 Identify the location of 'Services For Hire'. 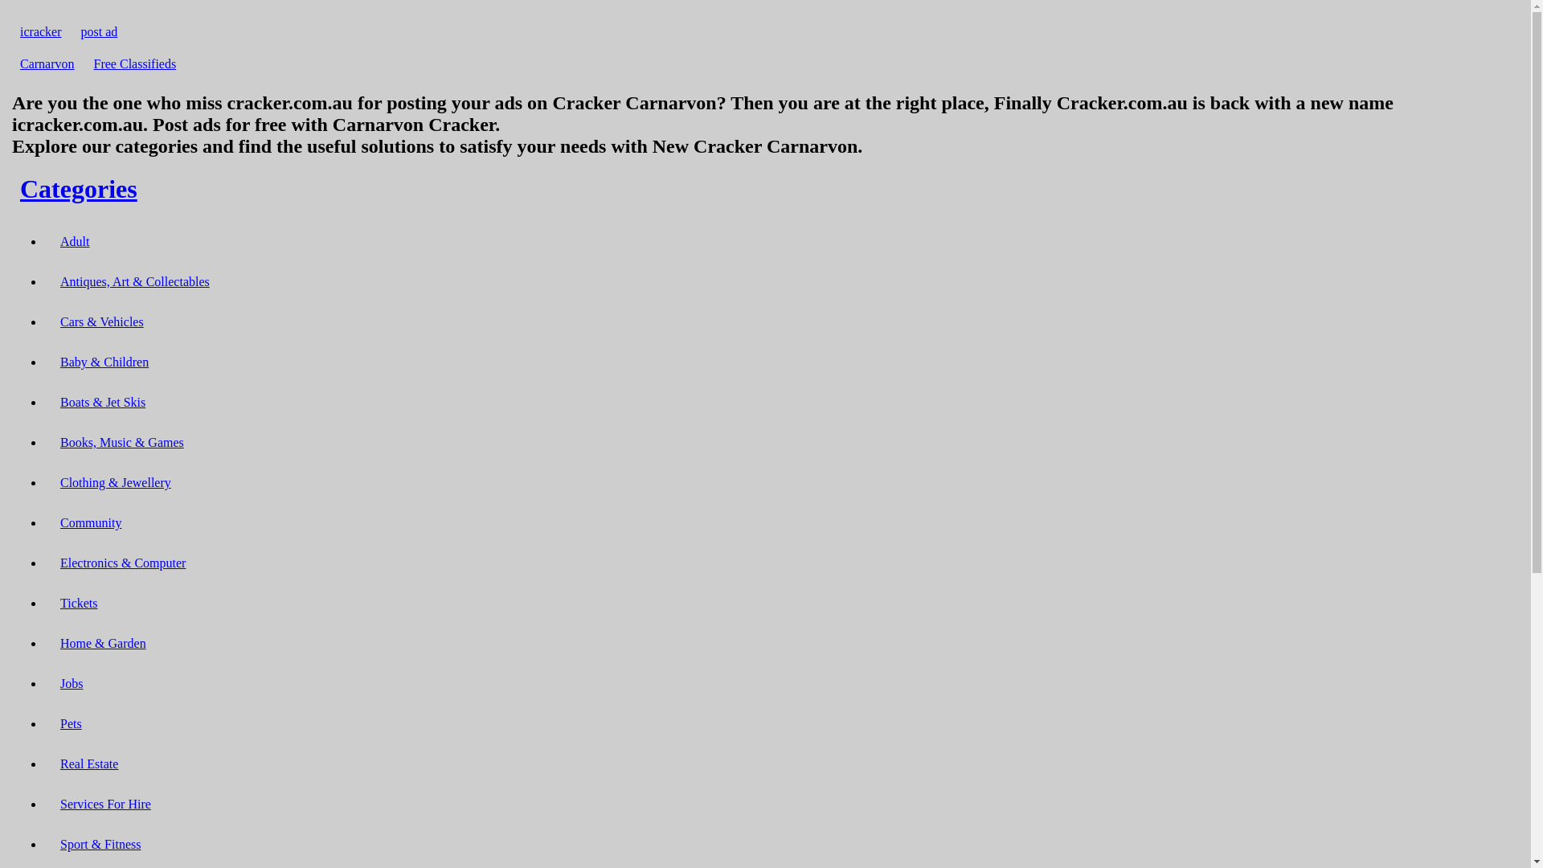
(104, 804).